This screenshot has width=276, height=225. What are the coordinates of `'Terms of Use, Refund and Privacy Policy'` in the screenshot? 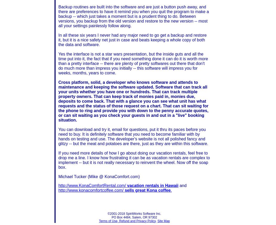 It's located at (127, 221).